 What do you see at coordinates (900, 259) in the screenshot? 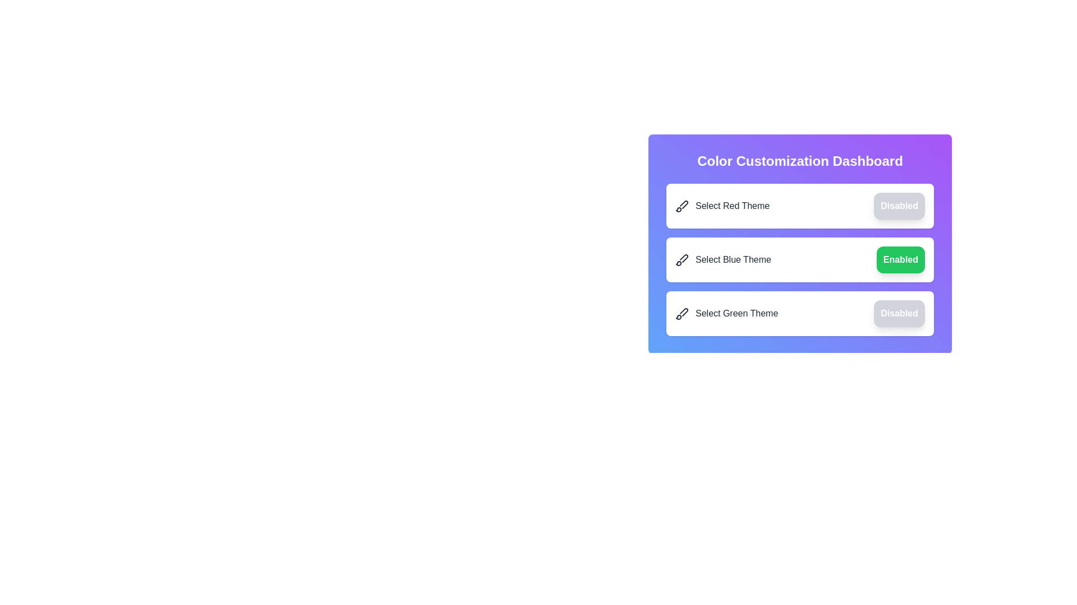
I see `the button corresponding to Blue theme to observe any interactive feedback` at bounding box center [900, 259].